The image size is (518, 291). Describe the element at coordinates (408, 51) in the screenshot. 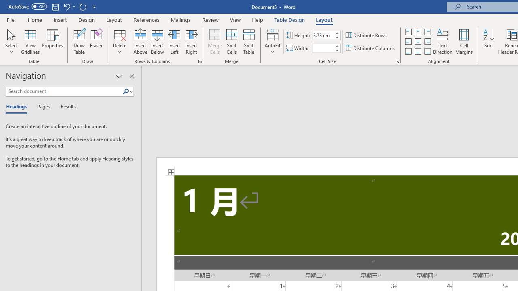

I see `'Align Bottom Justified'` at that location.